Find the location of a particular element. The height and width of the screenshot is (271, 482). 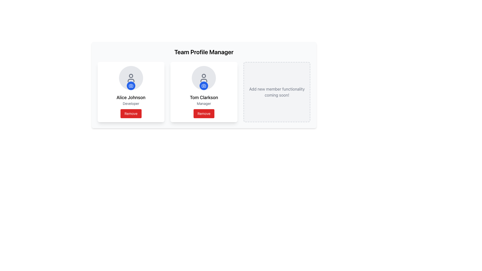

the camera icon in the circular profile image placeholder for 'Alice Johnson' to update the profile picture is located at coordinates (131, 78).